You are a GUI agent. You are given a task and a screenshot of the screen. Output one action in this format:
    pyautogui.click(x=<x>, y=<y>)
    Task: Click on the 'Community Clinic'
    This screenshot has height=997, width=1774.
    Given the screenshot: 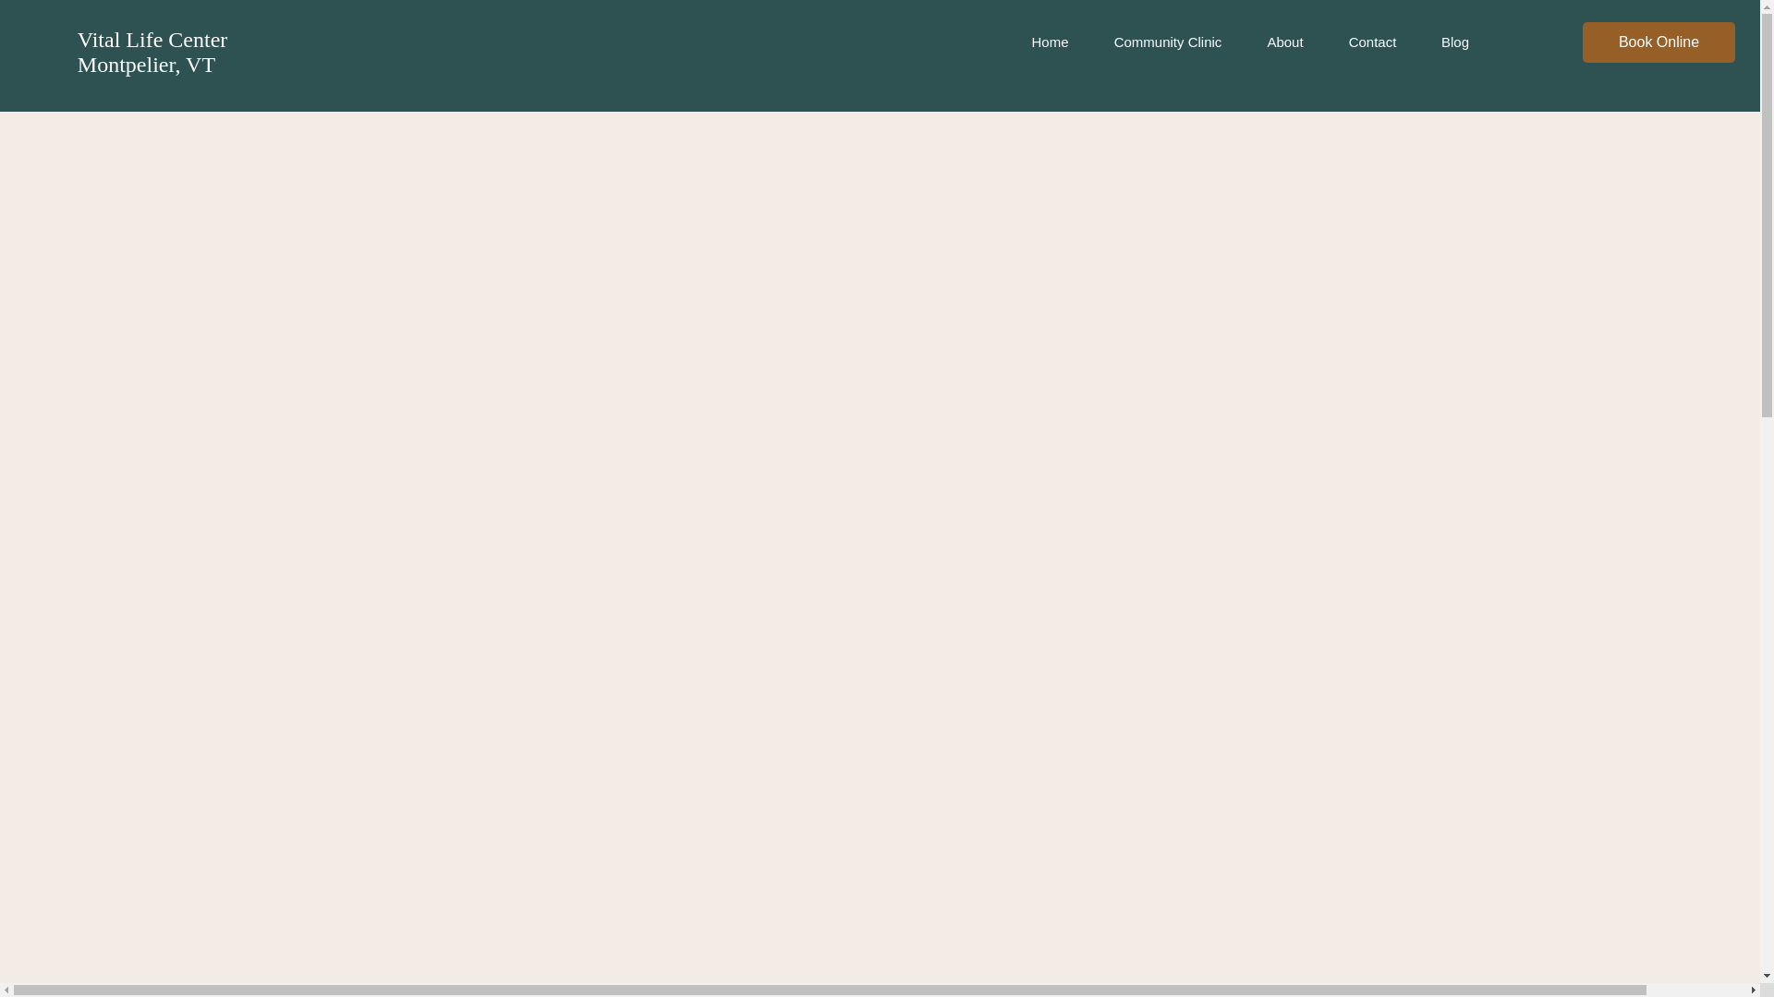 What is the action you would take?
    pyautogui.click(x=1166, y=42)
    